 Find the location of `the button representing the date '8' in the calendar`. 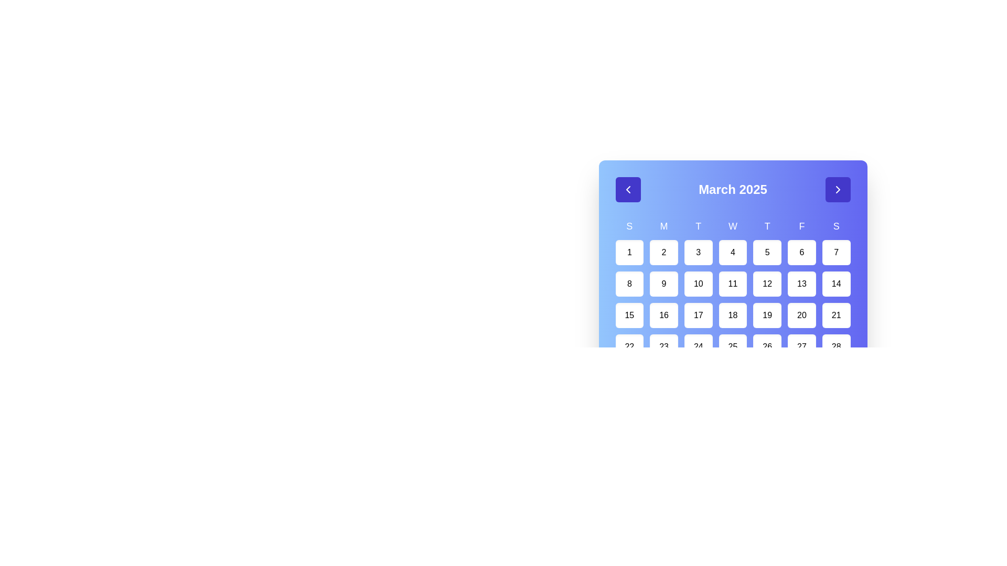

the button representing the date '8' in the calendar is located at coordinates (629, 284).